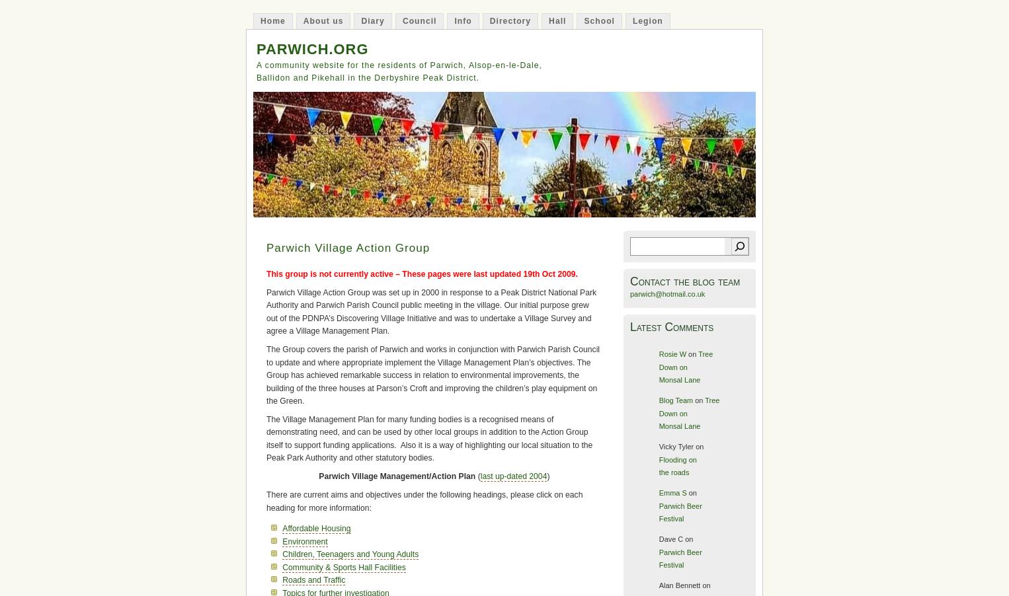 Image resolution: width=1009 pixels, height=596 pixels. I want to click on 'Latest Comments', so click(671, 326).